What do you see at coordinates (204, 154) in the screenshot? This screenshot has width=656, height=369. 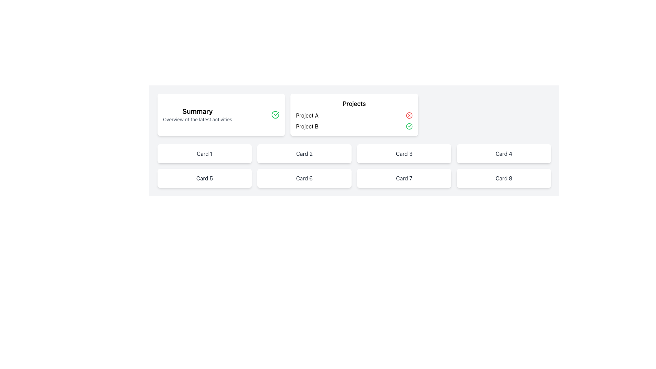 I see `the text label displaying 'Card 1' within the first card in the grid layout, which is located in the top left corner of the second row below the 'Summary' section` at bounding box center [204, 154].